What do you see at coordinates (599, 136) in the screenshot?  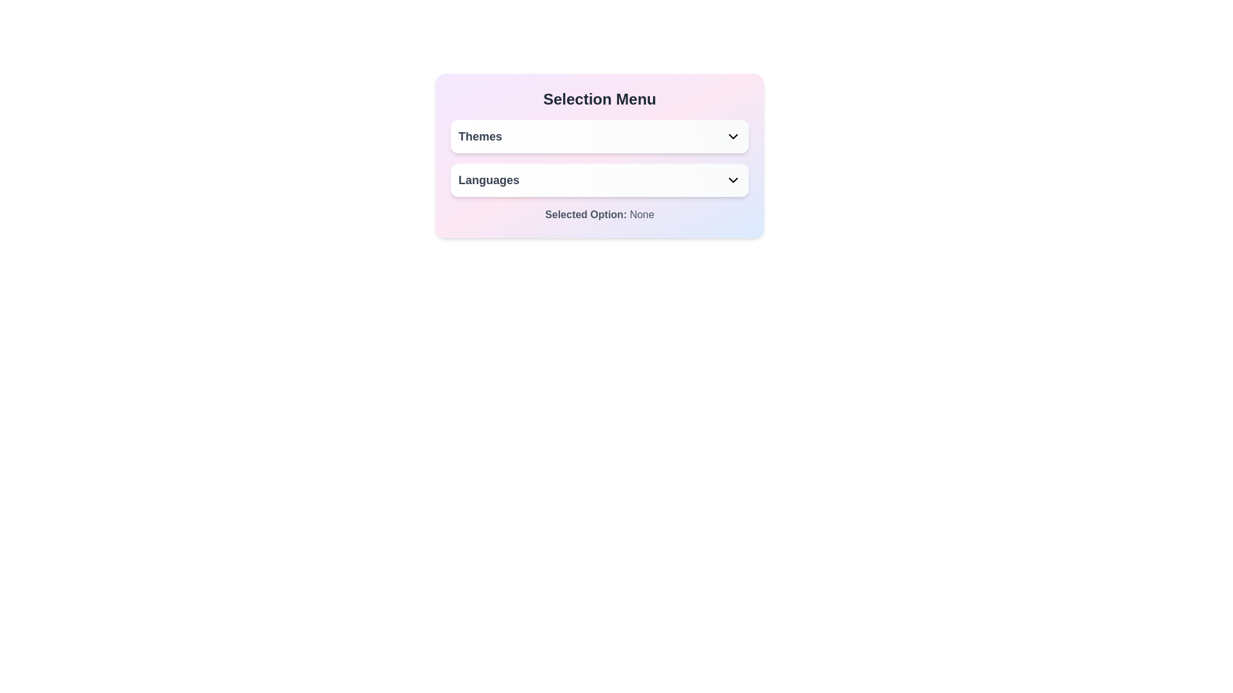 I see `the Dropdown menu located in the 'Selection Menu' section for keyboard navigation` at bounding box center [599, 136].